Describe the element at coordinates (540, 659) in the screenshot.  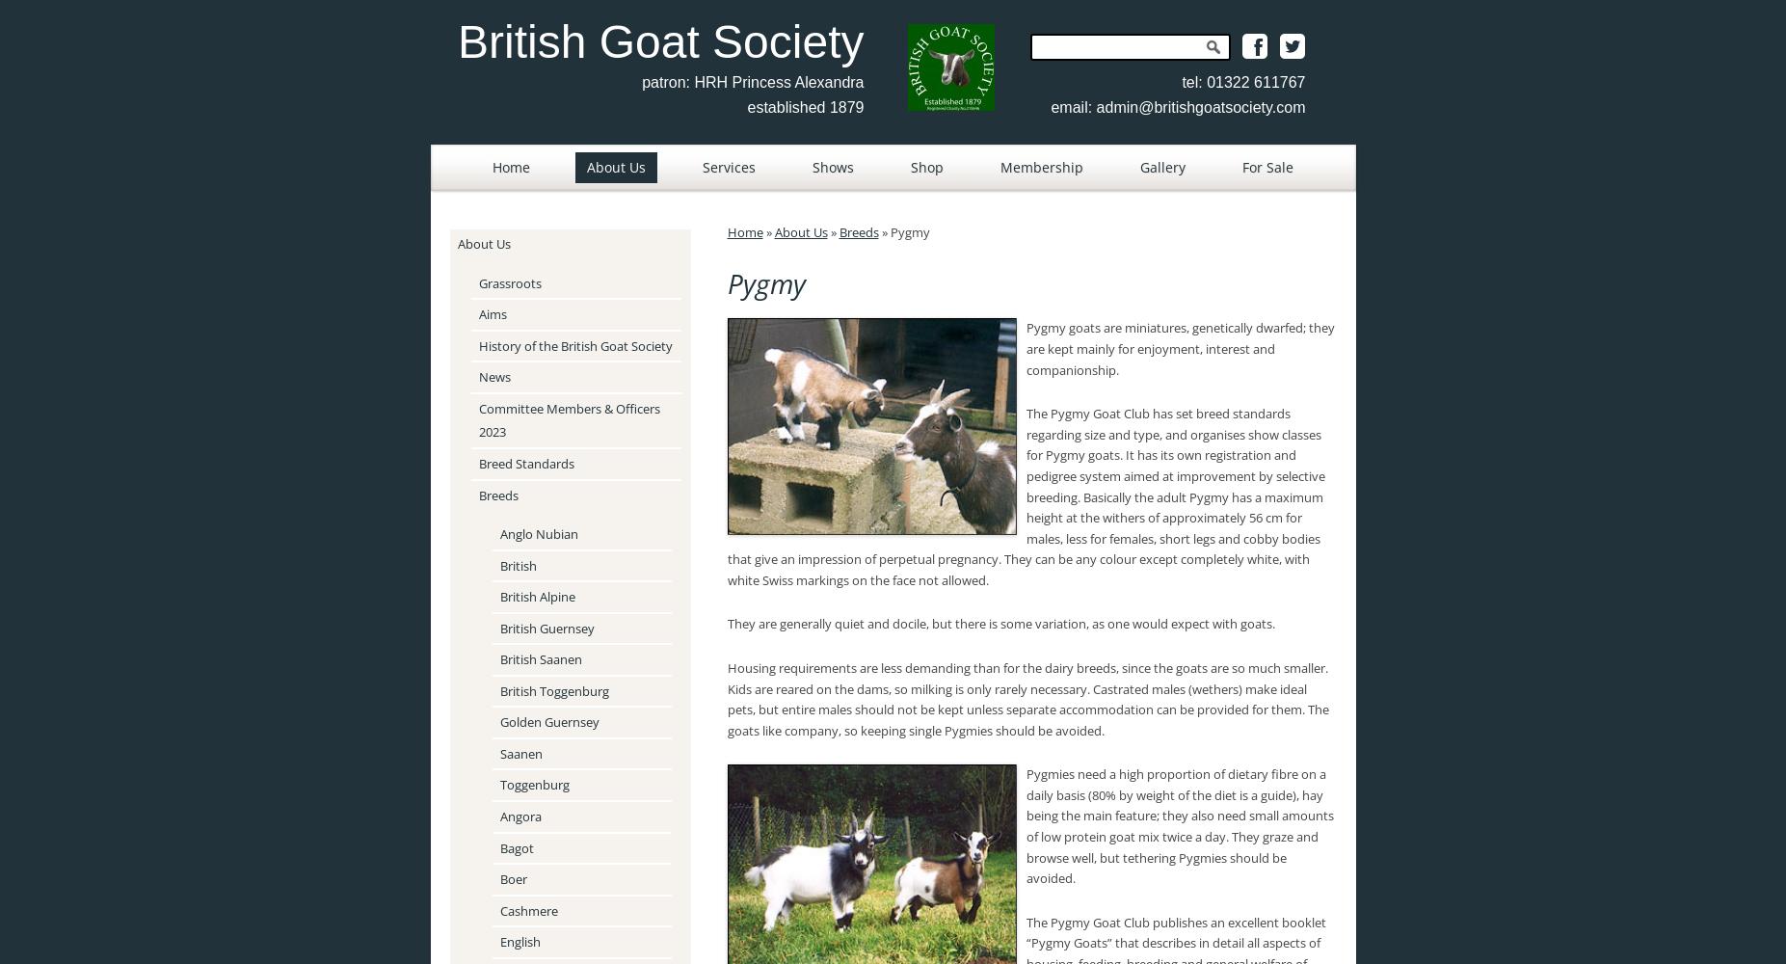
I see `'British Saanen'` at that location.